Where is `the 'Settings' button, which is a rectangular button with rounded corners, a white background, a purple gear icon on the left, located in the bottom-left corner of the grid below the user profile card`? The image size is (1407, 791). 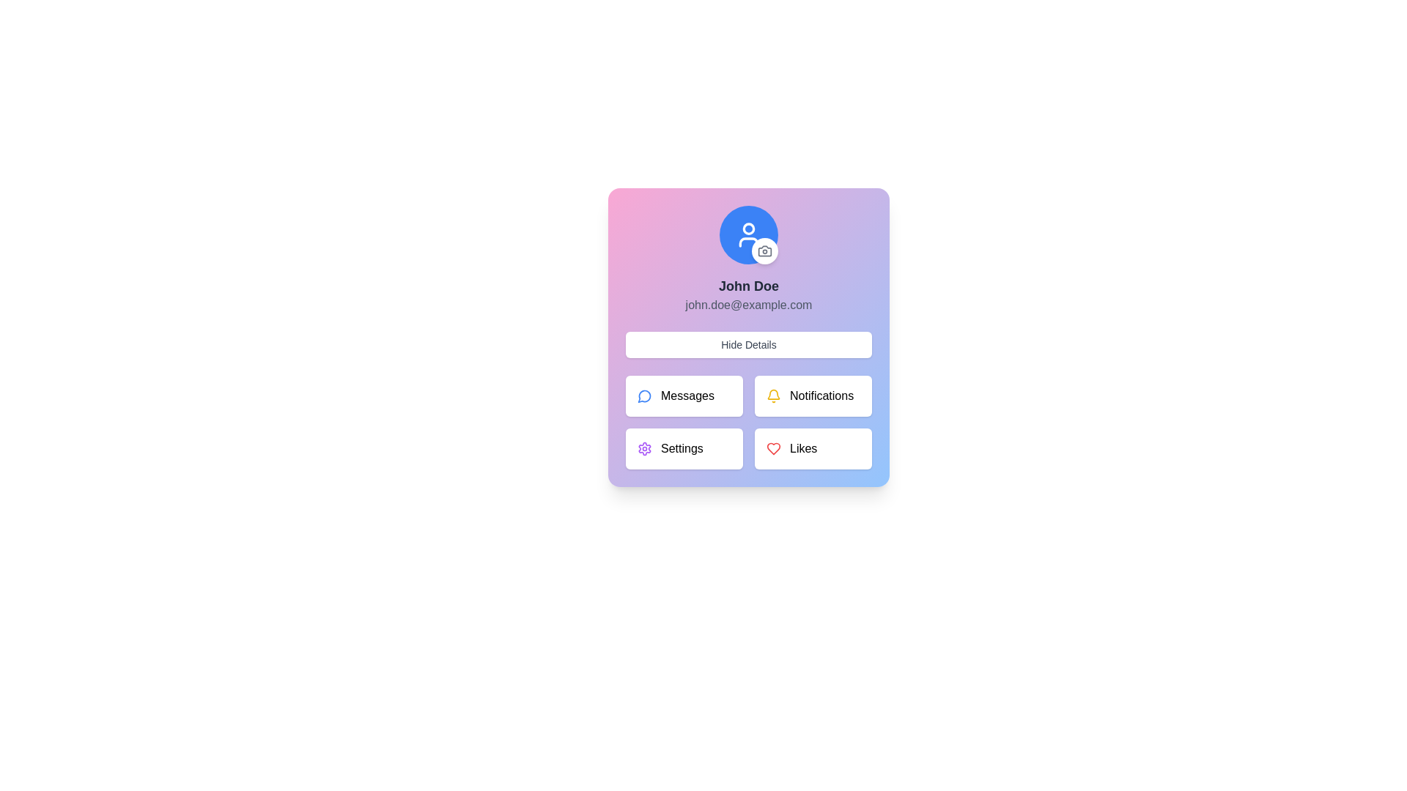 the 'Settings' button, which is a rectangular button with rounded corners, a white background, a purple gear icon on the left, located in the bottom-left corner of the grid below the user profile card is located at coordinates (684, 448).